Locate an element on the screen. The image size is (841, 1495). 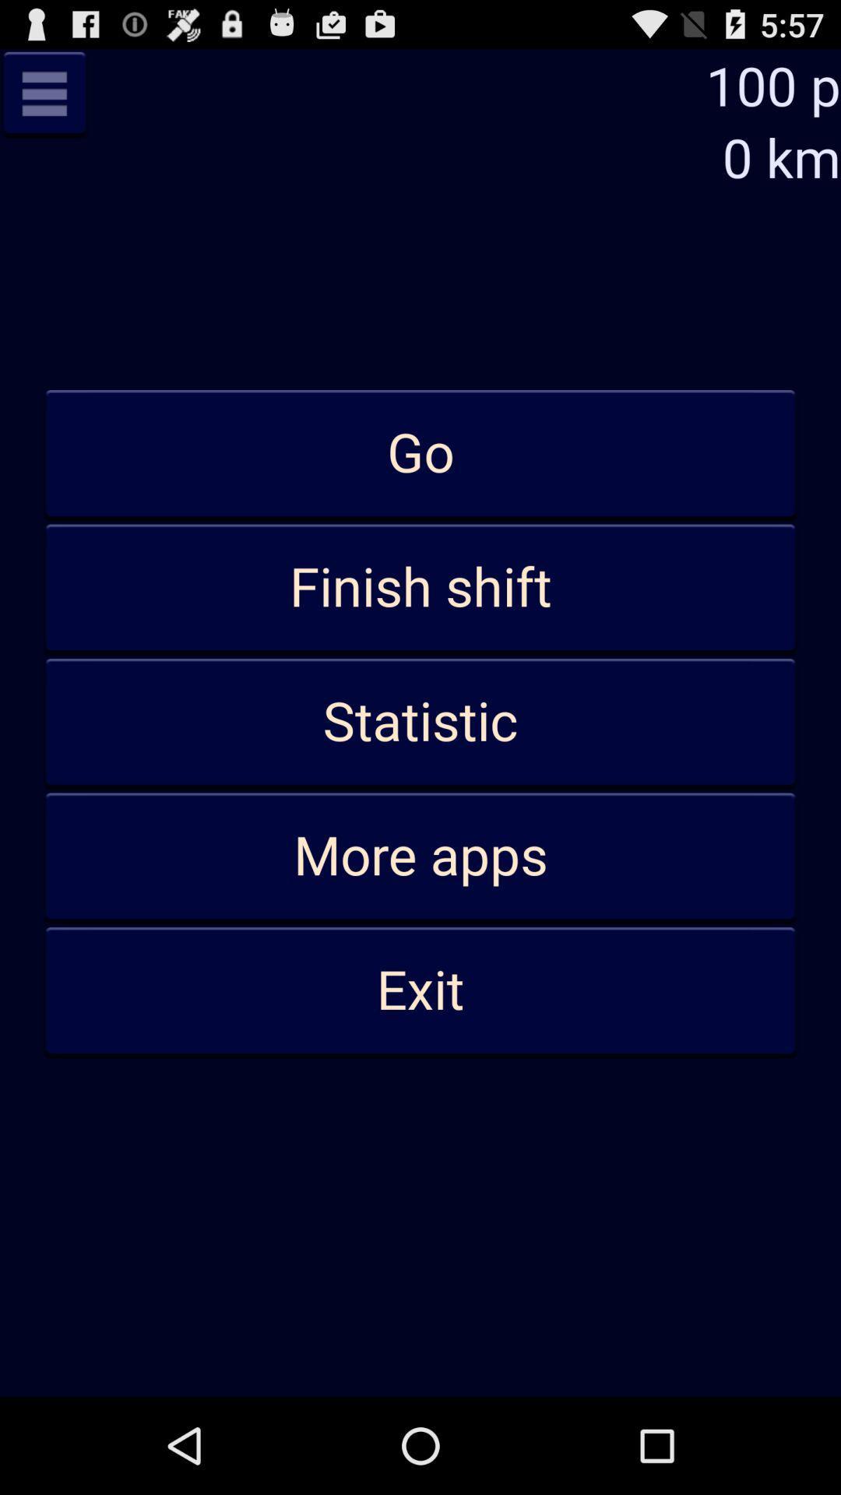
the more apps item is located at coordinates (420, 856).